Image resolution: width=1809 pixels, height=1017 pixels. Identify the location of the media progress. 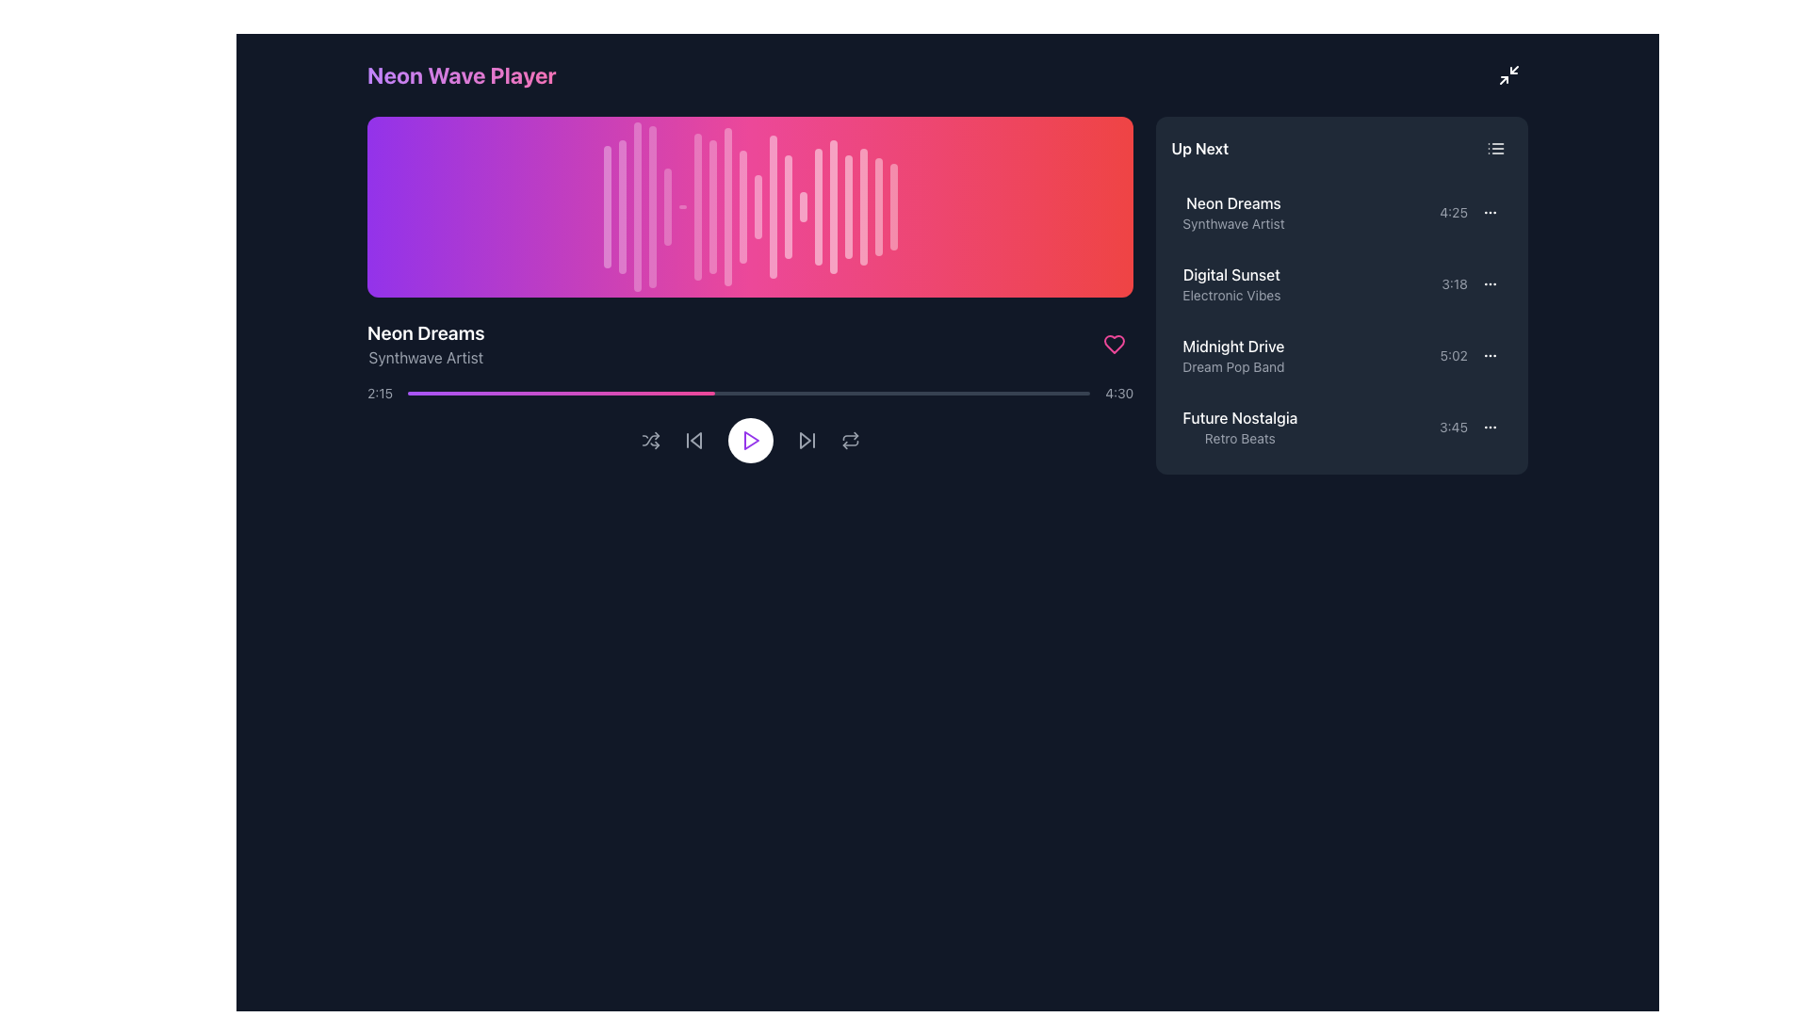
(693, 392).